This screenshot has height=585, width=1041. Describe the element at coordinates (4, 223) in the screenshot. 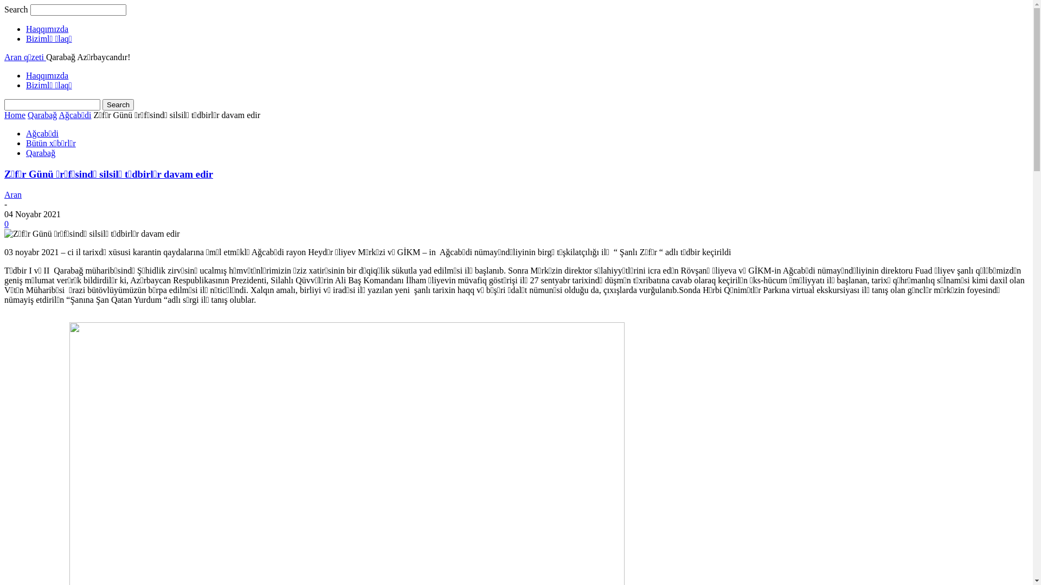

I see `'0'` at that location.